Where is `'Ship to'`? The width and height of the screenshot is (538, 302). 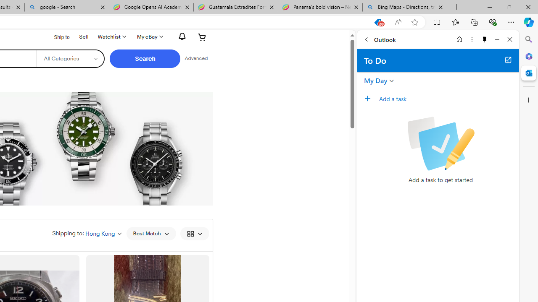
'Ship to' is located at coordinates (56, 36).